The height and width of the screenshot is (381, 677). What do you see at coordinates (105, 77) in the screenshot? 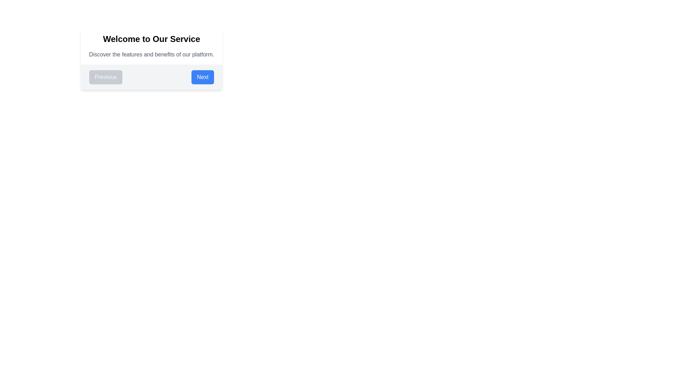
I see `the first button located` at bounding box center [105, 77].